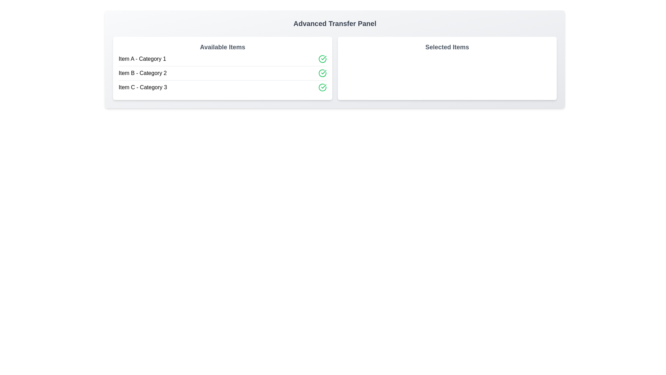 This screenshot has height=375, width=666. Describe the element at coordinates (322, 73) in the screenshot. I see `the circular green outlined icon with a checkmark next to 'Item B - Category 2'` at that location.